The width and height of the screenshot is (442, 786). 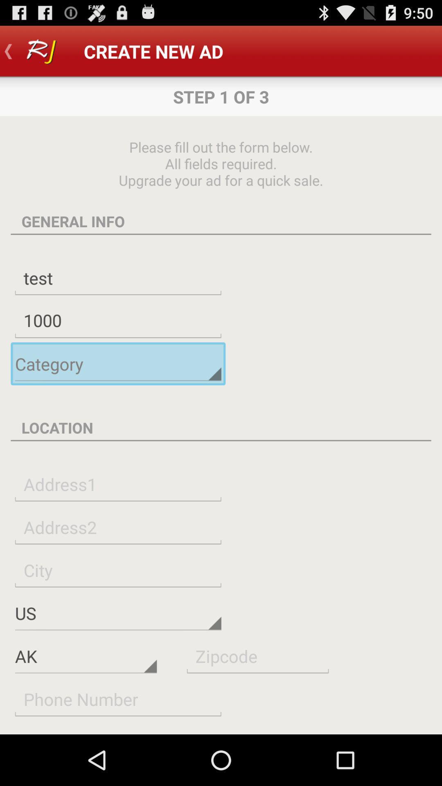 I want to click on type address, so click(x=118, y=484).